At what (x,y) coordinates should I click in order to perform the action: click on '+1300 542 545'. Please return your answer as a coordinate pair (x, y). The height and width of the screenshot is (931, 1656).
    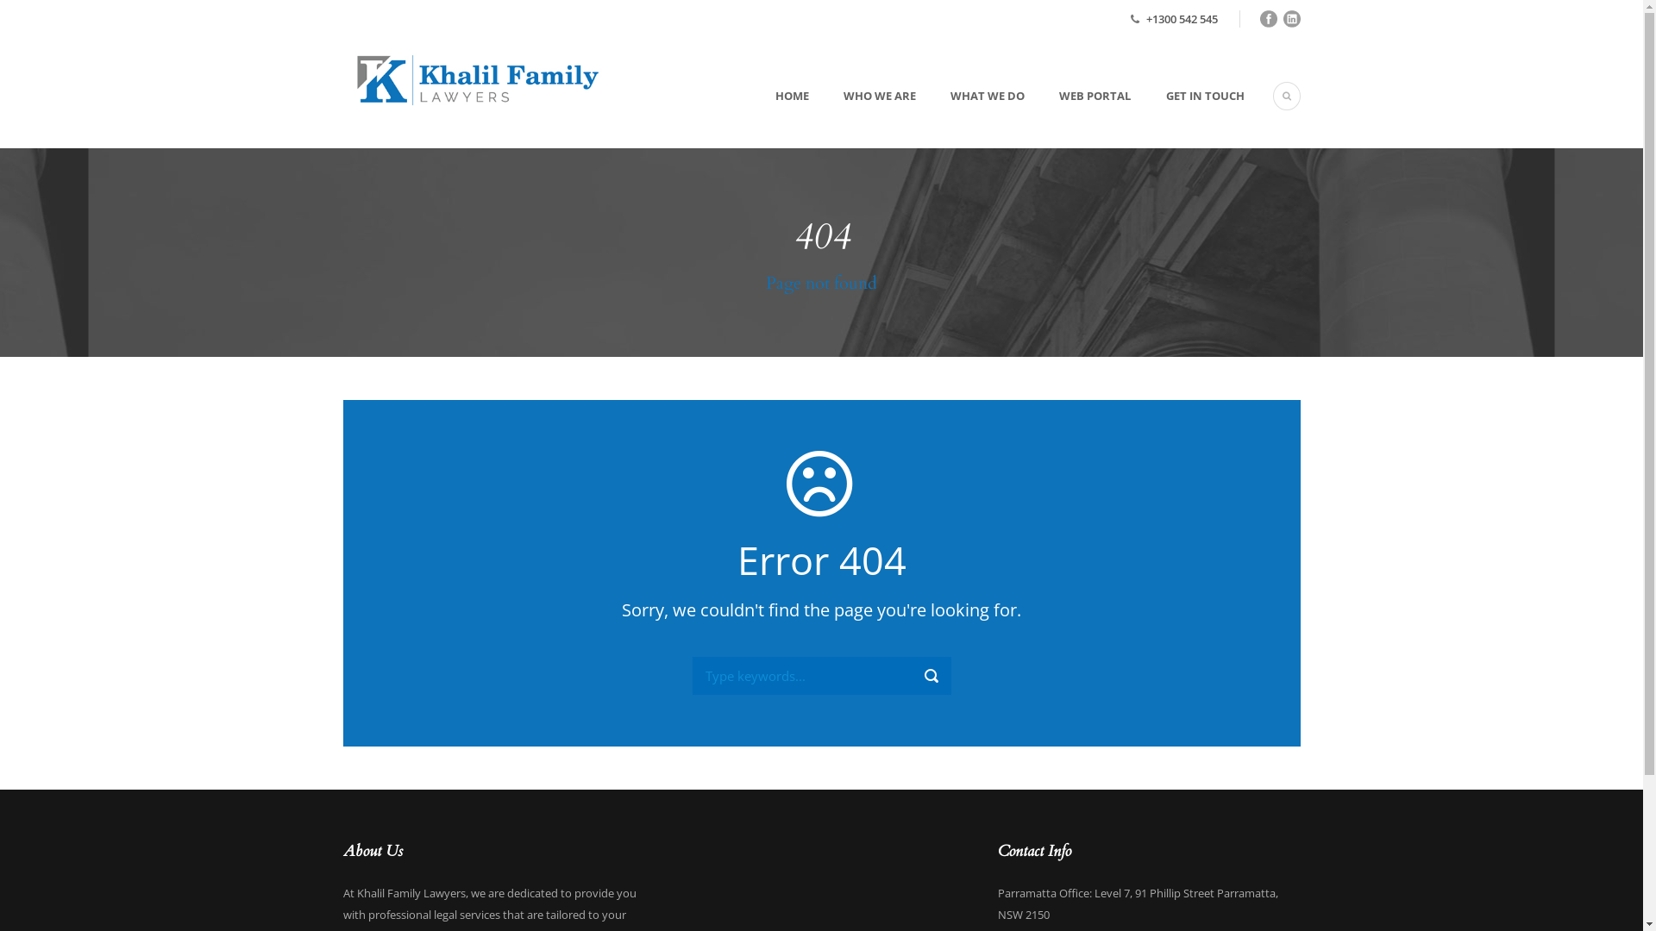
    Looking at the image, I should click on (1180, 19).